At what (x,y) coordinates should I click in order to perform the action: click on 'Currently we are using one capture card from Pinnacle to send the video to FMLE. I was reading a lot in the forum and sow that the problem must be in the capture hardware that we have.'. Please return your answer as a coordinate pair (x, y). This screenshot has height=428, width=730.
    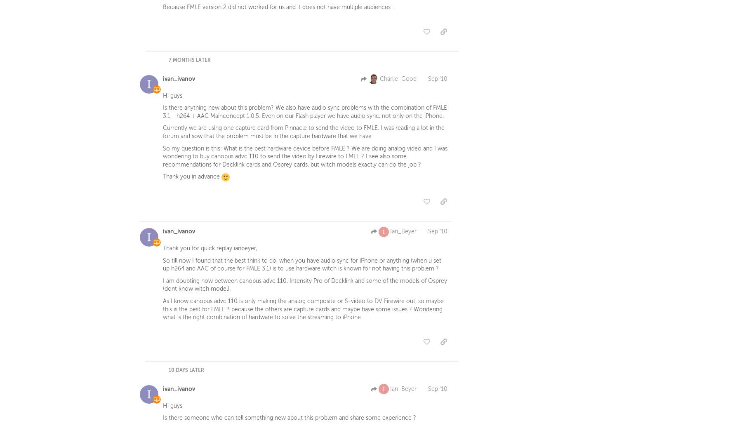
    Looking at the image, I should click on (162, 134).